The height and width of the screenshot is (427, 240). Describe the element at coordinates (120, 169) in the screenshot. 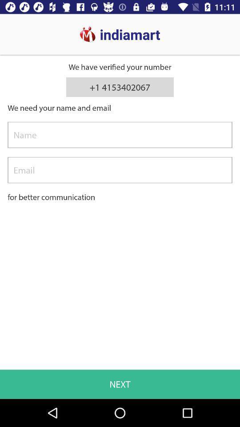

I see `type the email` at that location.